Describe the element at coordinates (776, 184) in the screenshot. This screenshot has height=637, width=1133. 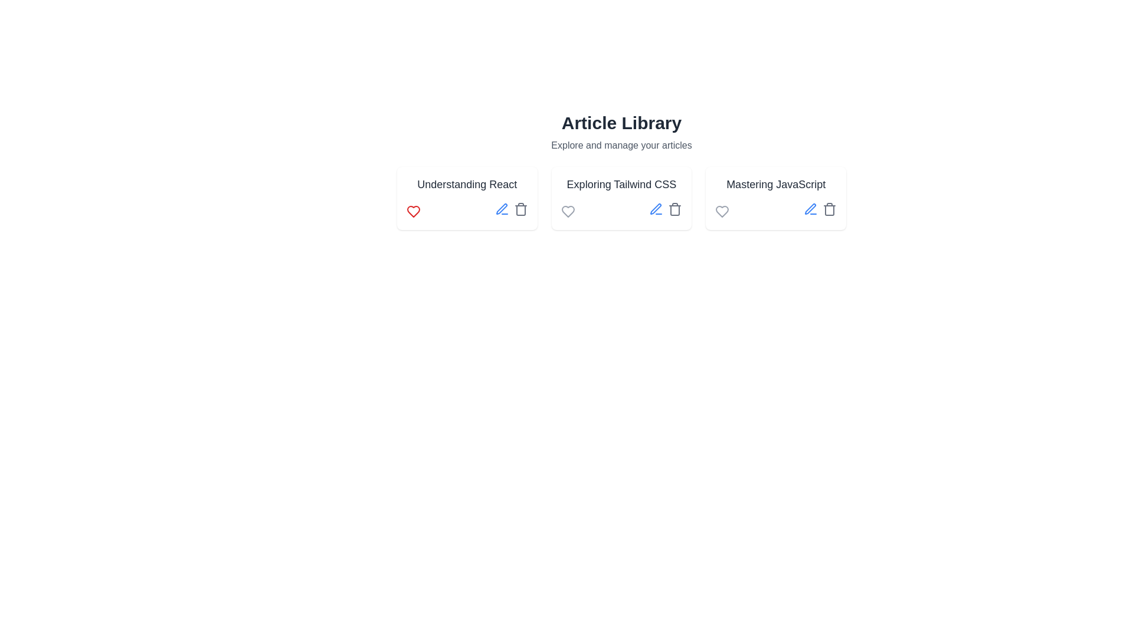
I see `the text label displaying the title 'Mastering JavaScript' in bold gray font, located in the last card of the 'Article Library' section` at that location.